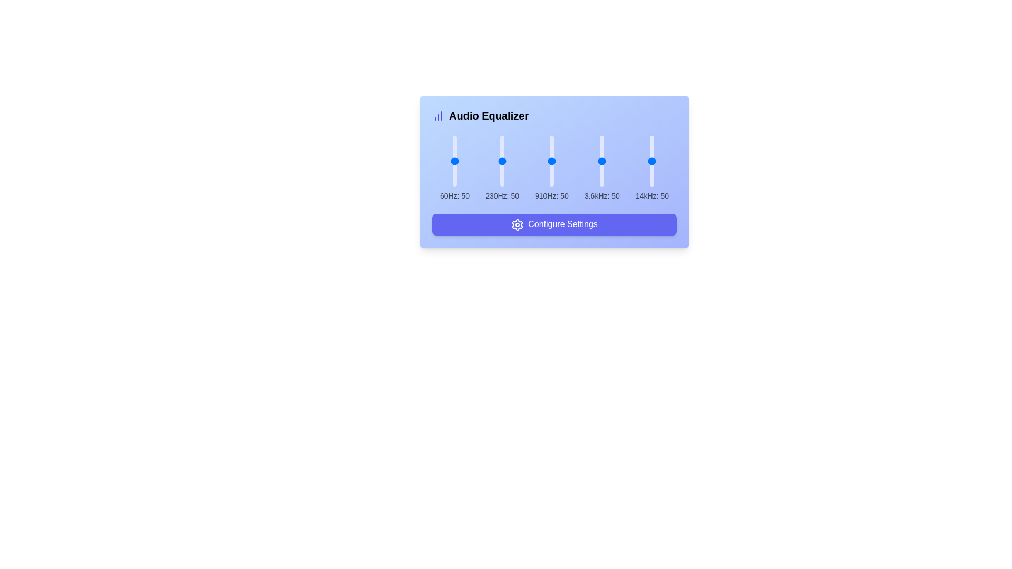  I want to click on the 230Hz slider value, so click(502, 162).